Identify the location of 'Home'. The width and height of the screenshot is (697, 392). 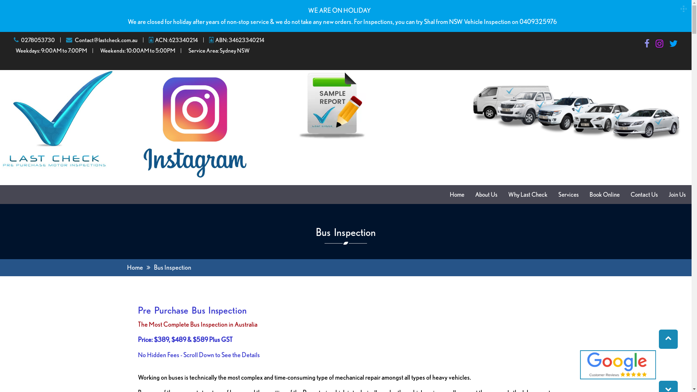
(456, 194).